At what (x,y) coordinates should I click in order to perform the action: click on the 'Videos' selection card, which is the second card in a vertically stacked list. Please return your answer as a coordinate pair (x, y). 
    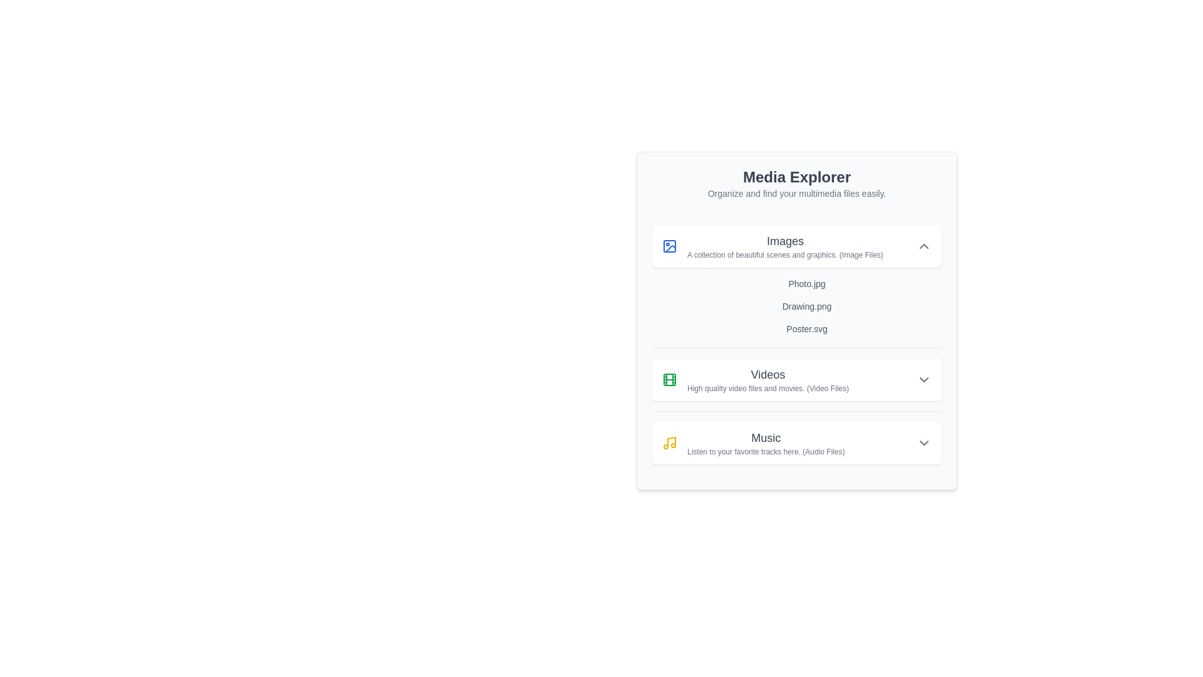
    Looking at the image, I should click on (796, 379).